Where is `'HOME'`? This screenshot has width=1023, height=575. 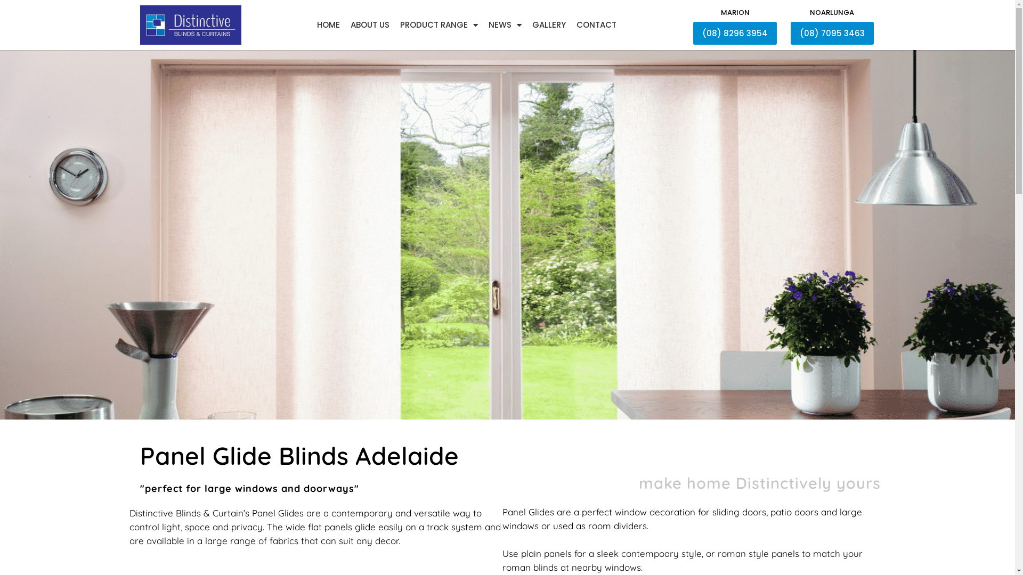
'HOME' is located at coordinates (327, 24).